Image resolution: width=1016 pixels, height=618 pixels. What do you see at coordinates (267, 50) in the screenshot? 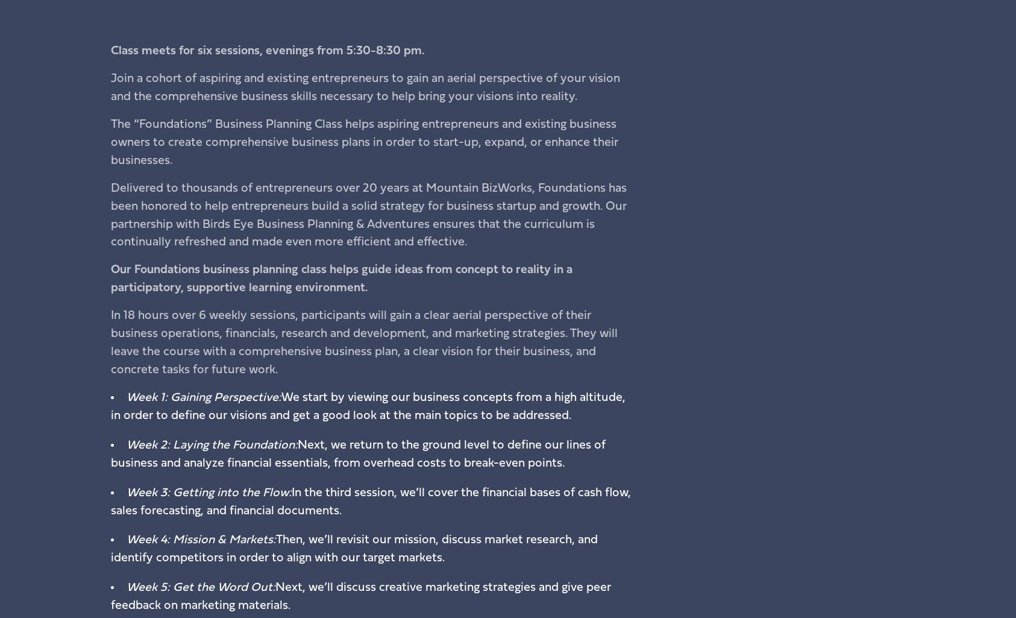
I see `'Class meets for six sessions, evenings from 5:30-8:30 pm.'` at bounding box center [267, 50].